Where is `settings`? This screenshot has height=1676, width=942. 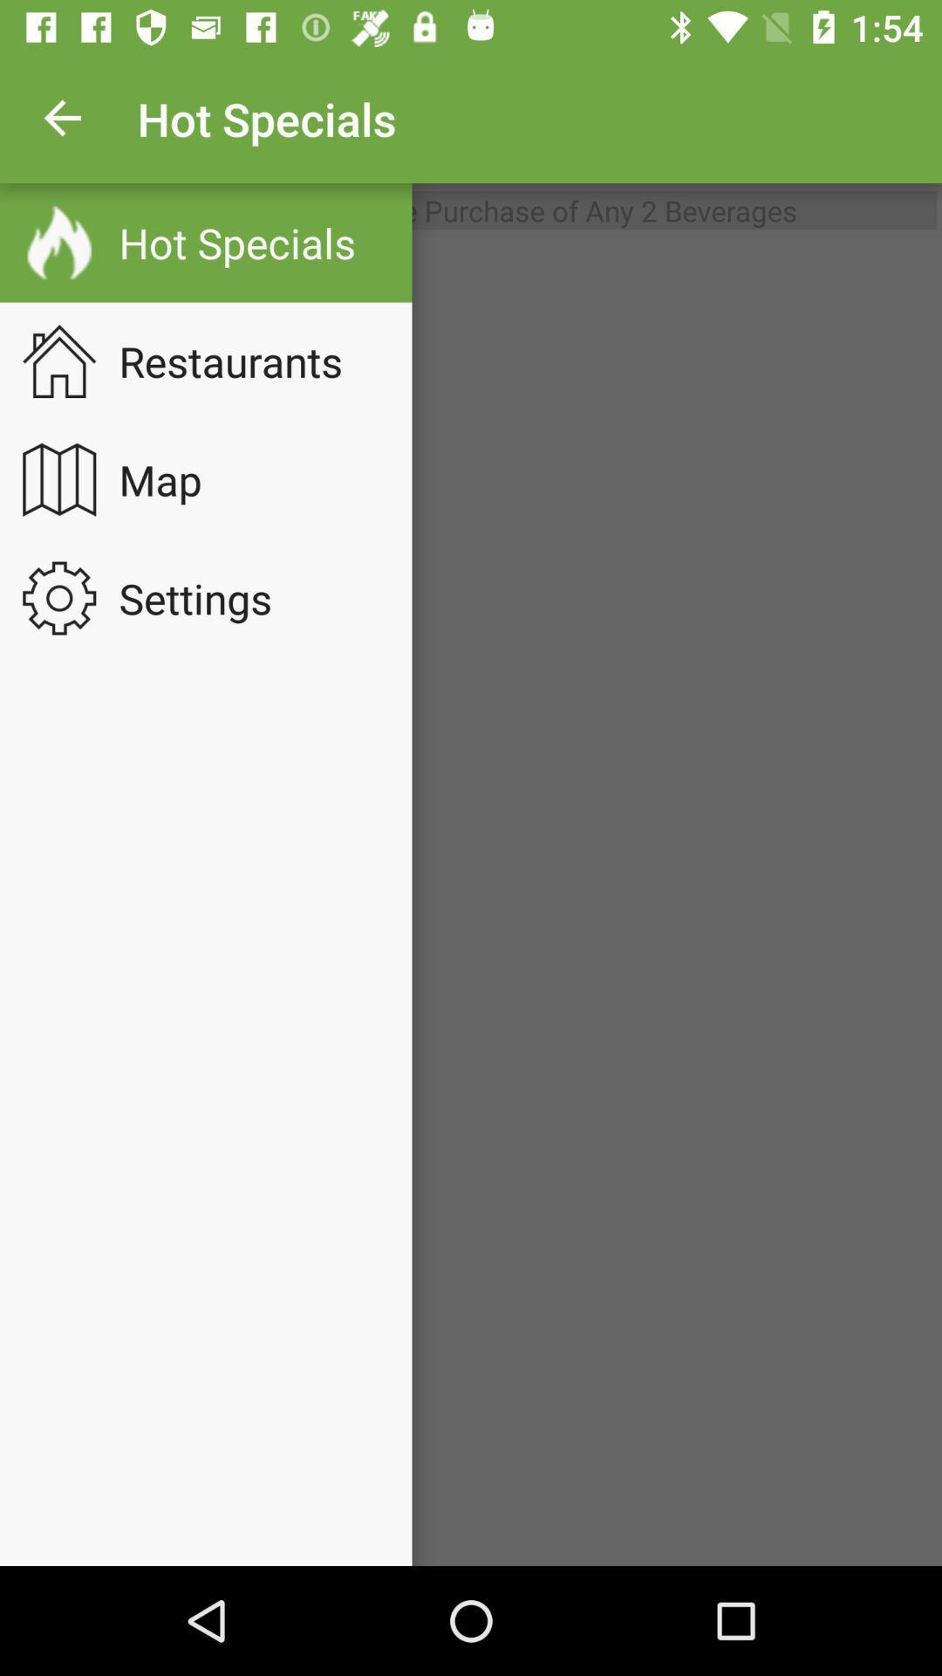
settings is located at coordinates (206, 598).